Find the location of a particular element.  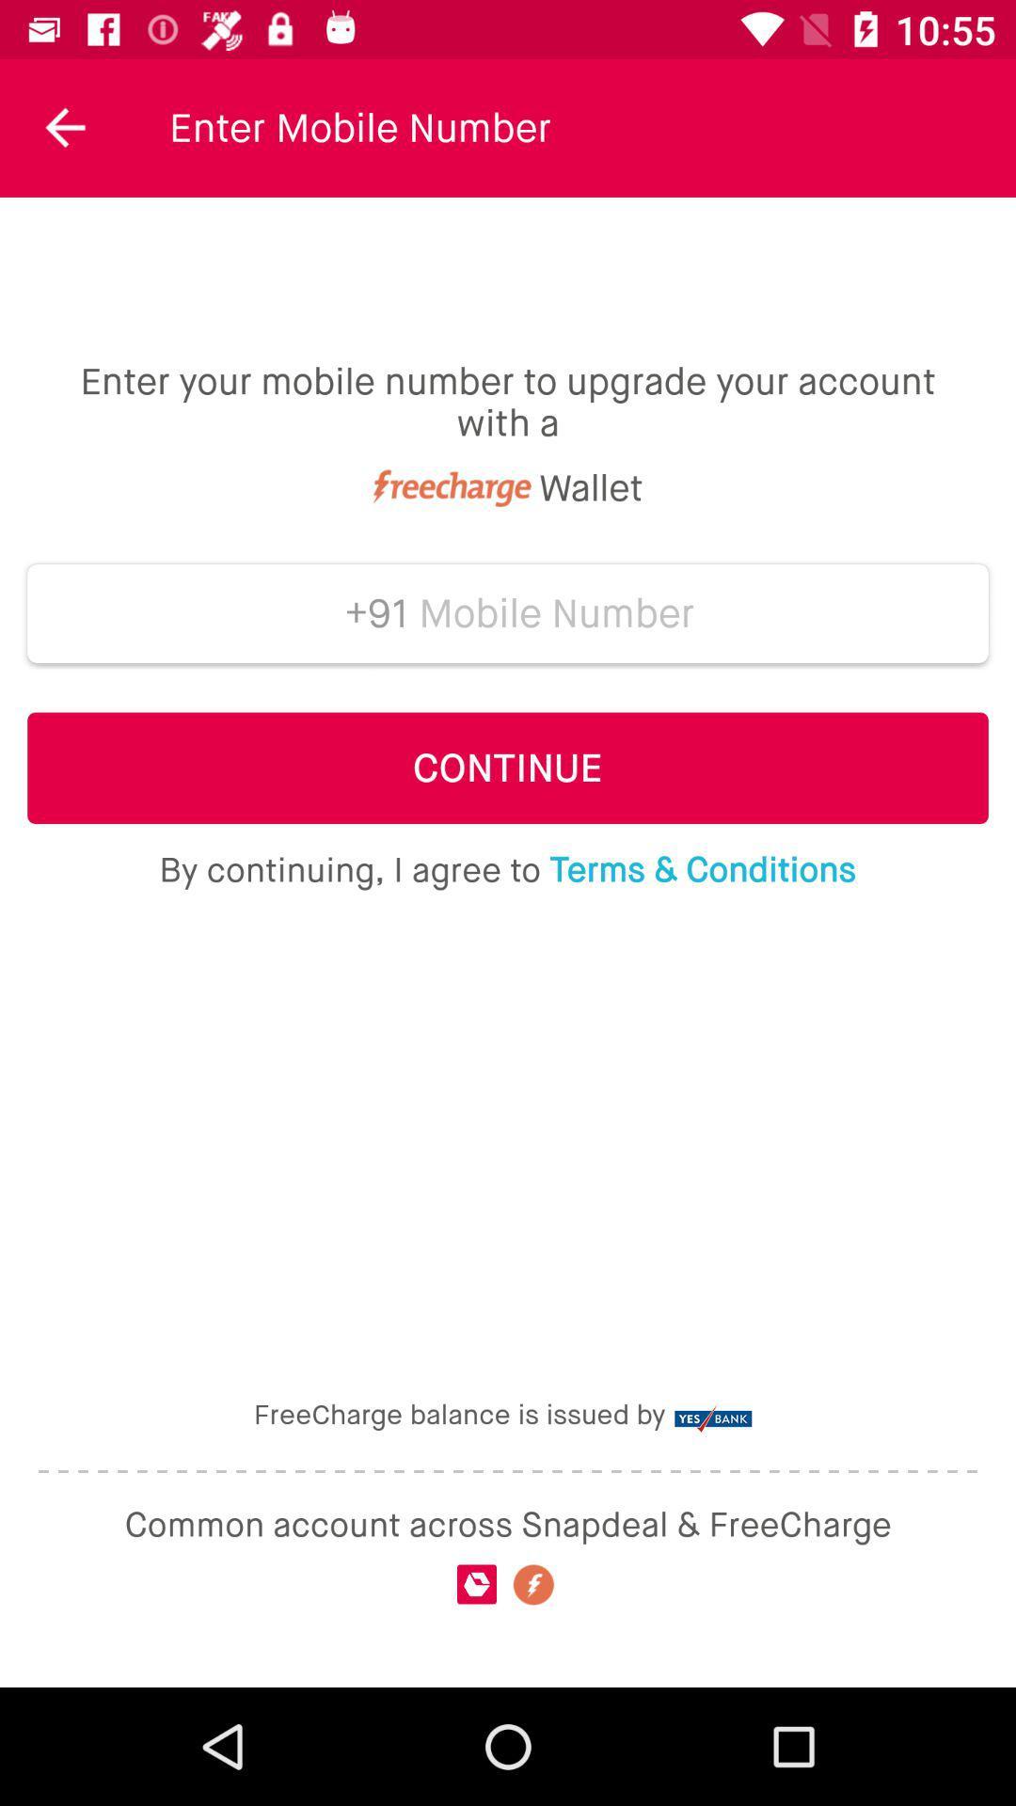

the item above continue is located at coordinates (556, 613).